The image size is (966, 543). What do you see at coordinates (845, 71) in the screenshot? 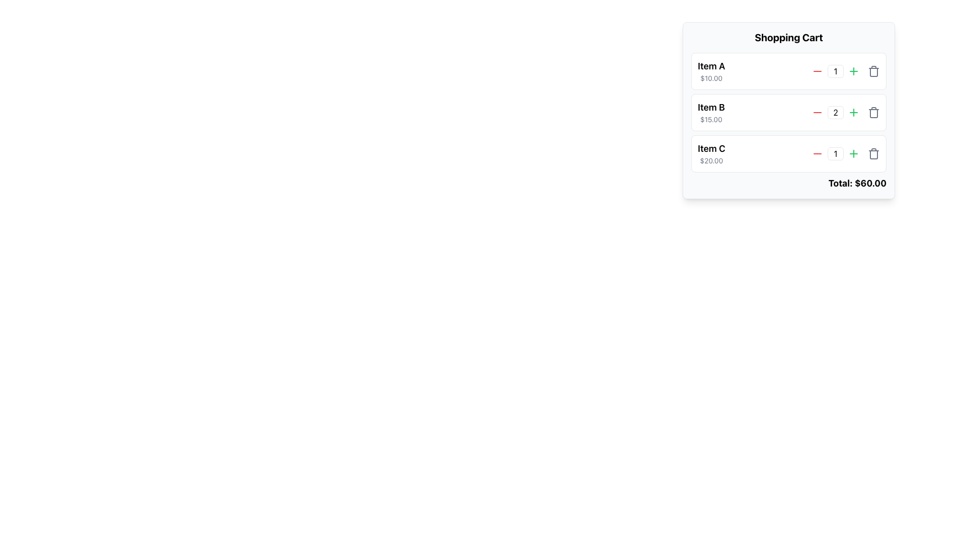
I see `the Control Group displaying the number '1' within Item A in the shopping cart to edit its value` at bounding box center [845, 71].